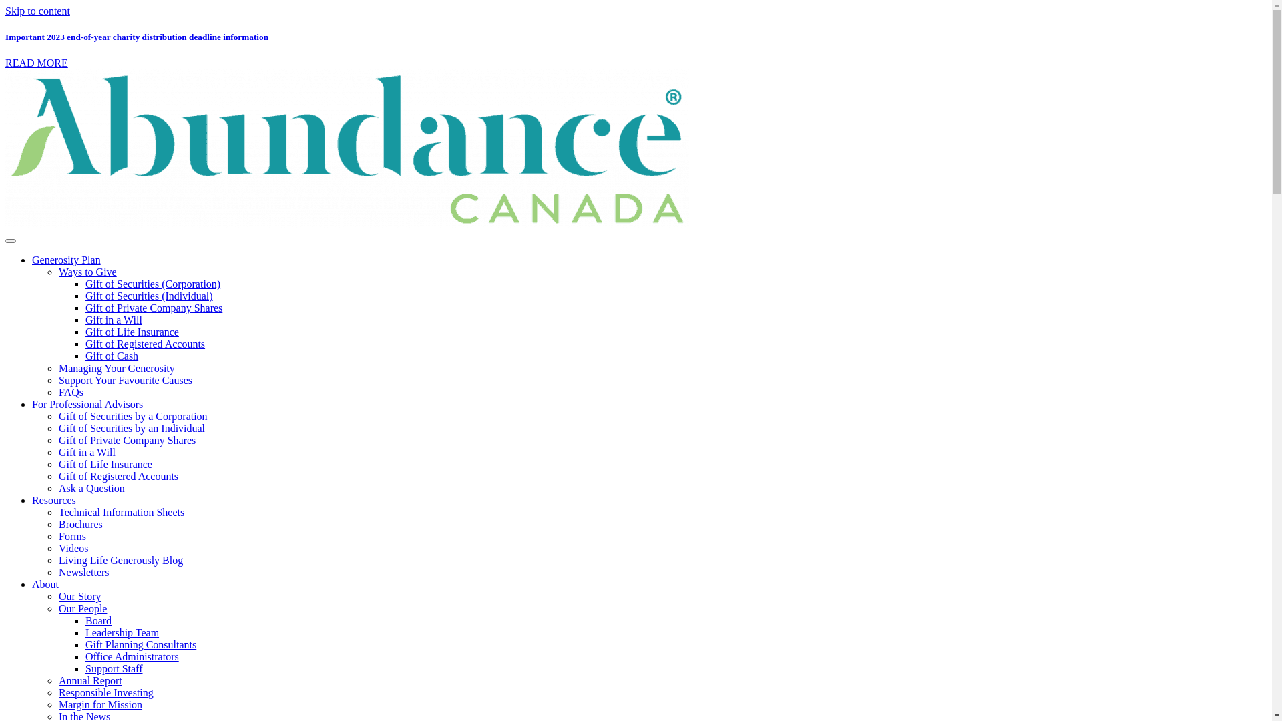 The height and width of the screenshot is (721, 1282). What do you see at coordinates (45, 583) in the screenshot?
I see `'About'` at bounding box center [45, 583].